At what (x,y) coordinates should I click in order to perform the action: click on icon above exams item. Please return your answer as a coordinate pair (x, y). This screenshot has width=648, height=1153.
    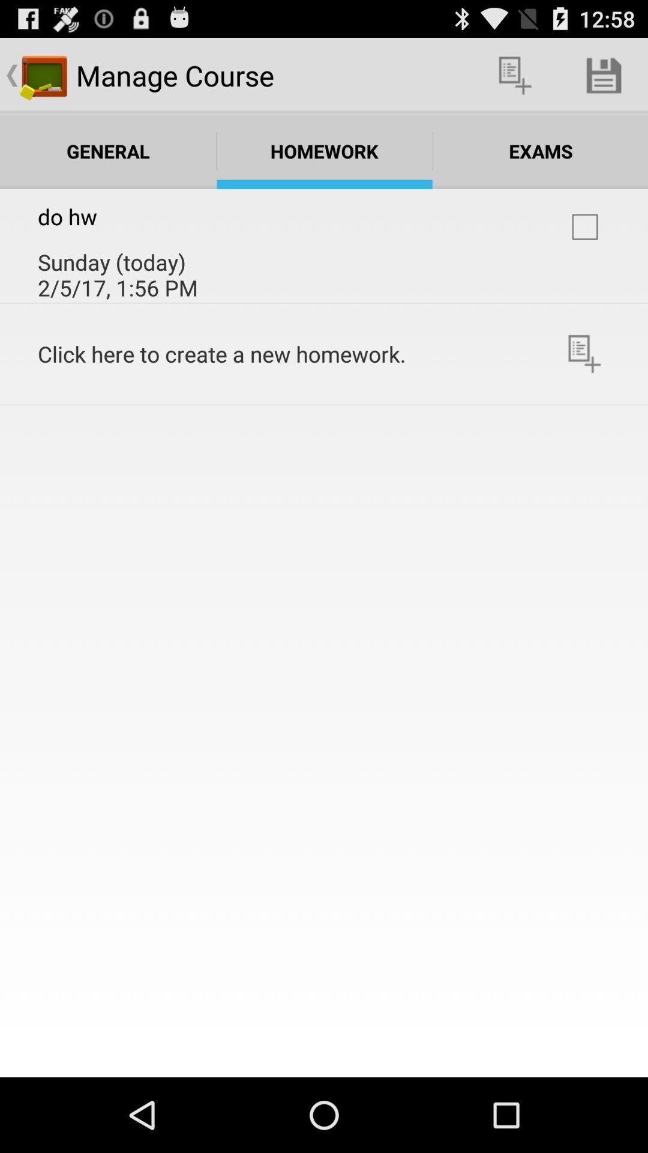
    Looking at the image, I should click on (515, 74).